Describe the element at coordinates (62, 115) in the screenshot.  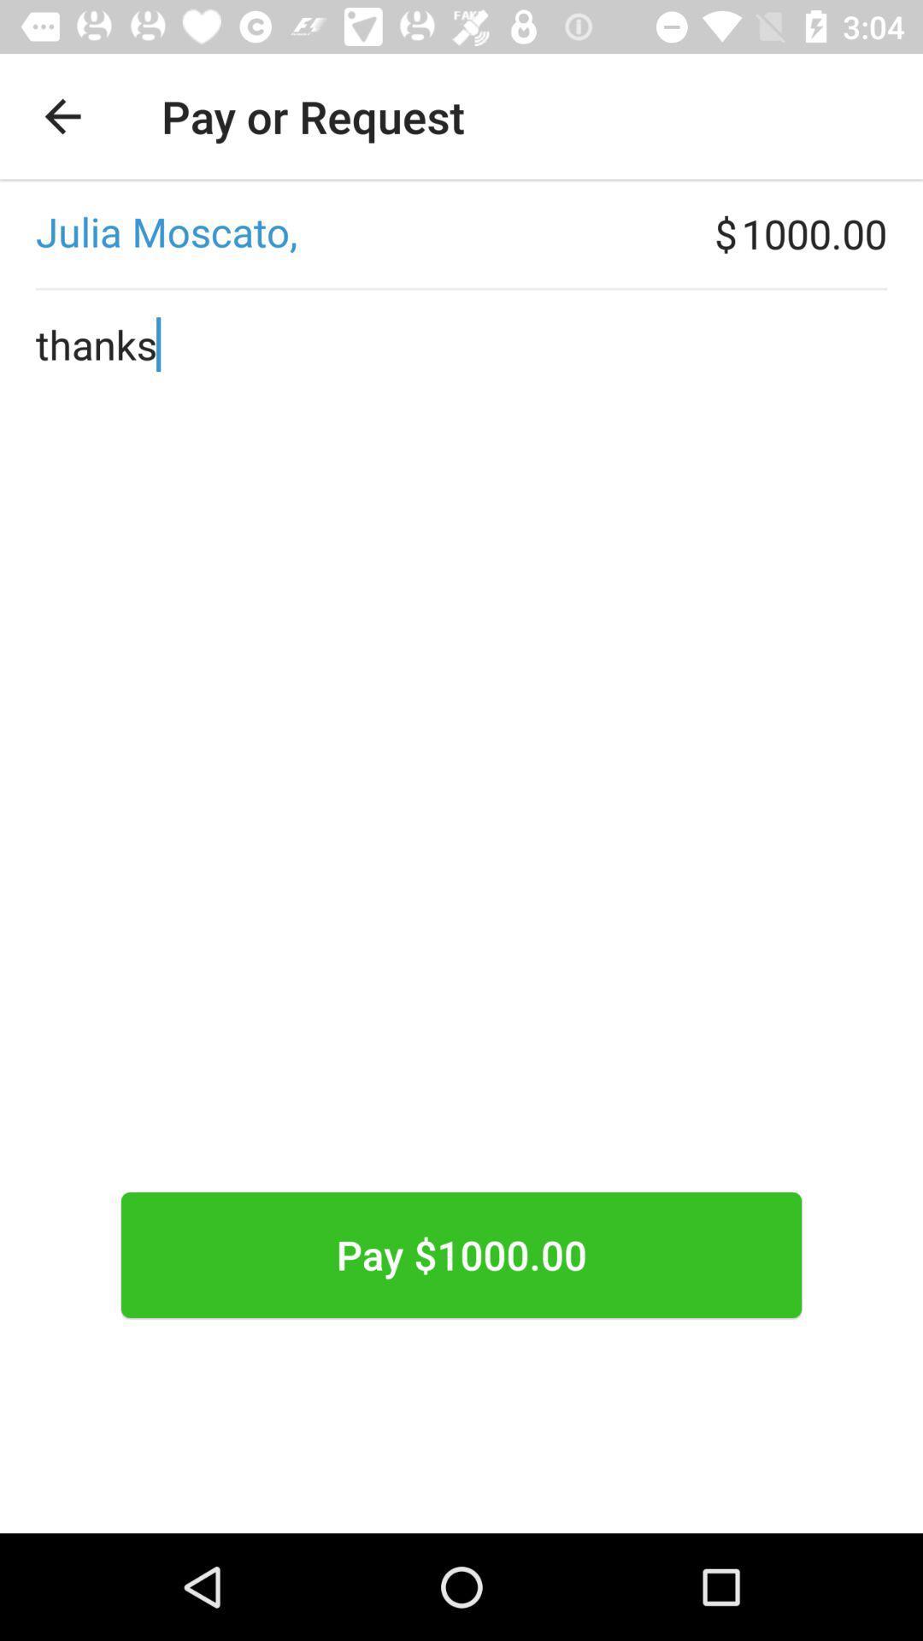
I see `the app next to the pay or request icon` at that location.